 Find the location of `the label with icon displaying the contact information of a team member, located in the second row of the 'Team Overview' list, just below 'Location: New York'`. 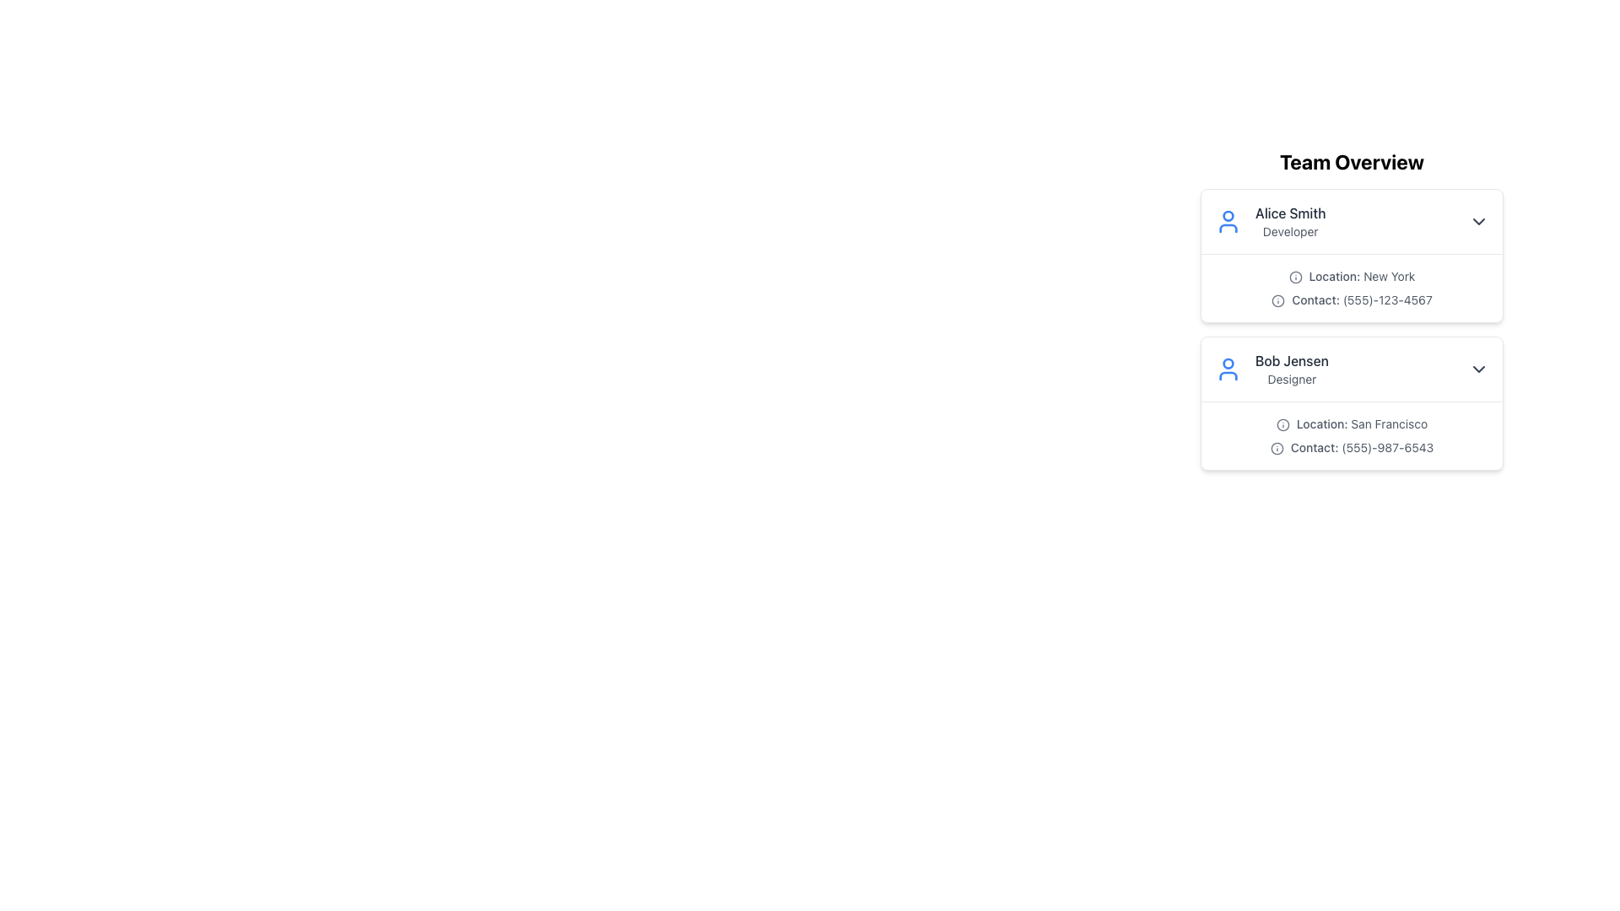

the label with icon displaying the contact information of a team member, located in the second row of the 'Team Overview' list, just below 'Location: New York' is located at coordinates (1352, 299).